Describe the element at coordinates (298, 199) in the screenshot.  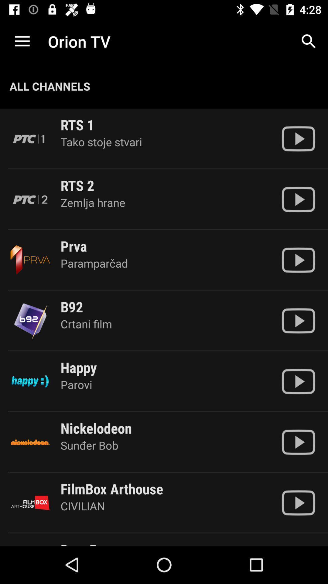
I see `video` at that location.